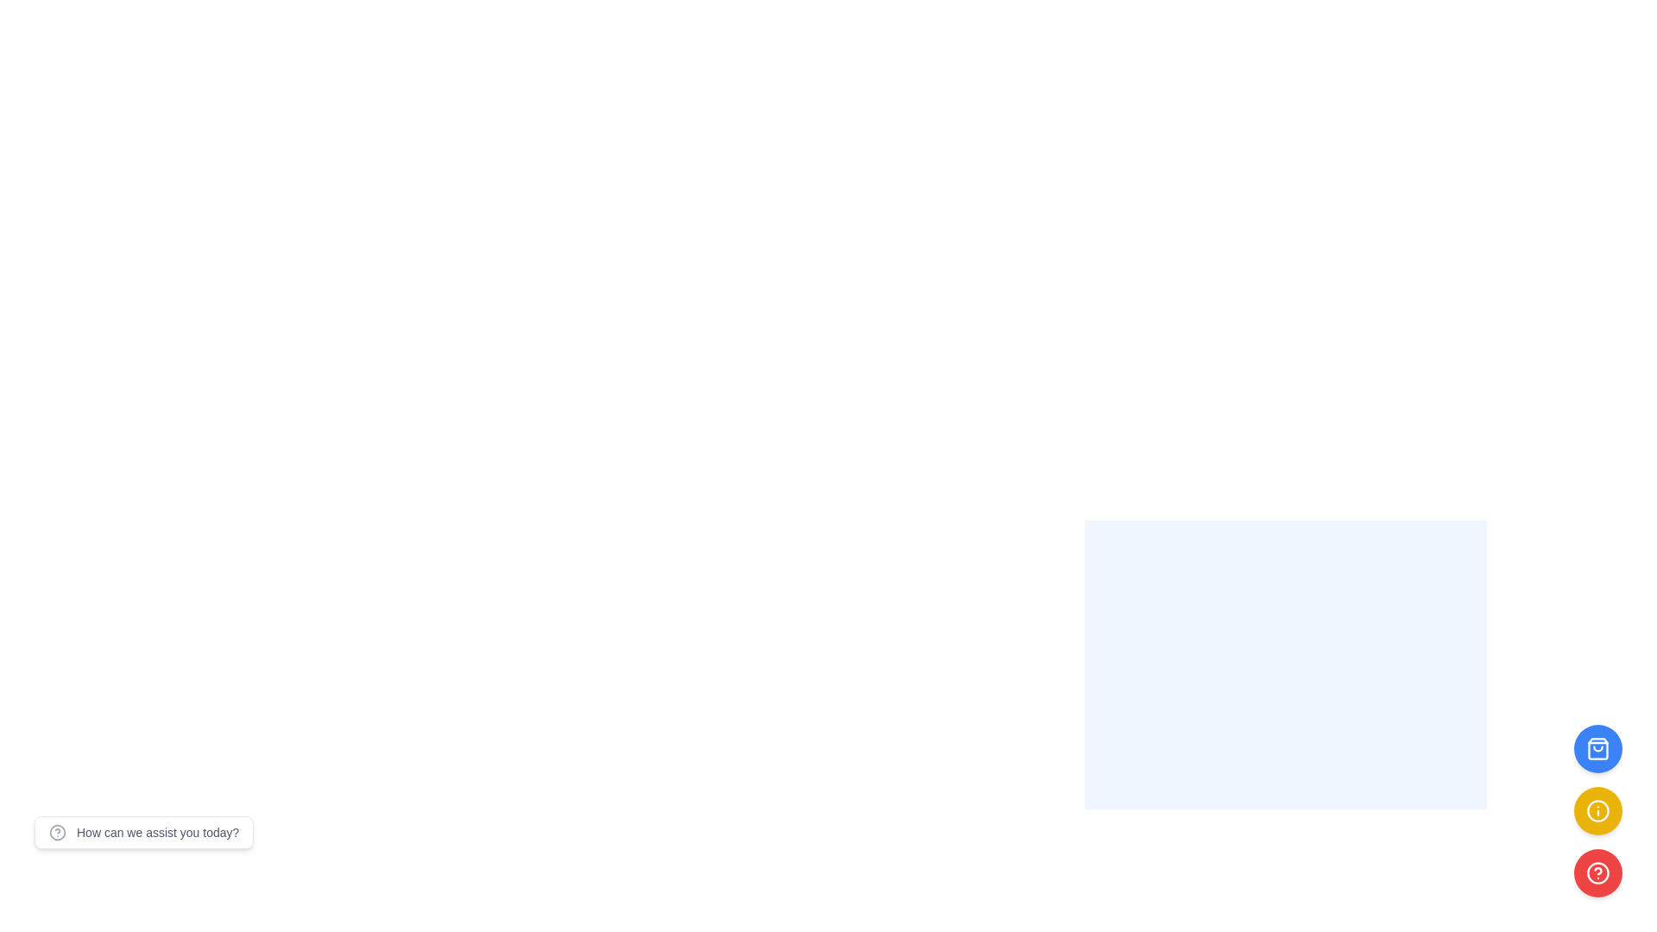 Image resolution: width=1657 pixels, height=932 pixels. What do you see at coordinates (1597, 872) in the screenshot?
I see `the red circular help icon located in the bottom-right area of the interface` at bounding box center [1597, 872].